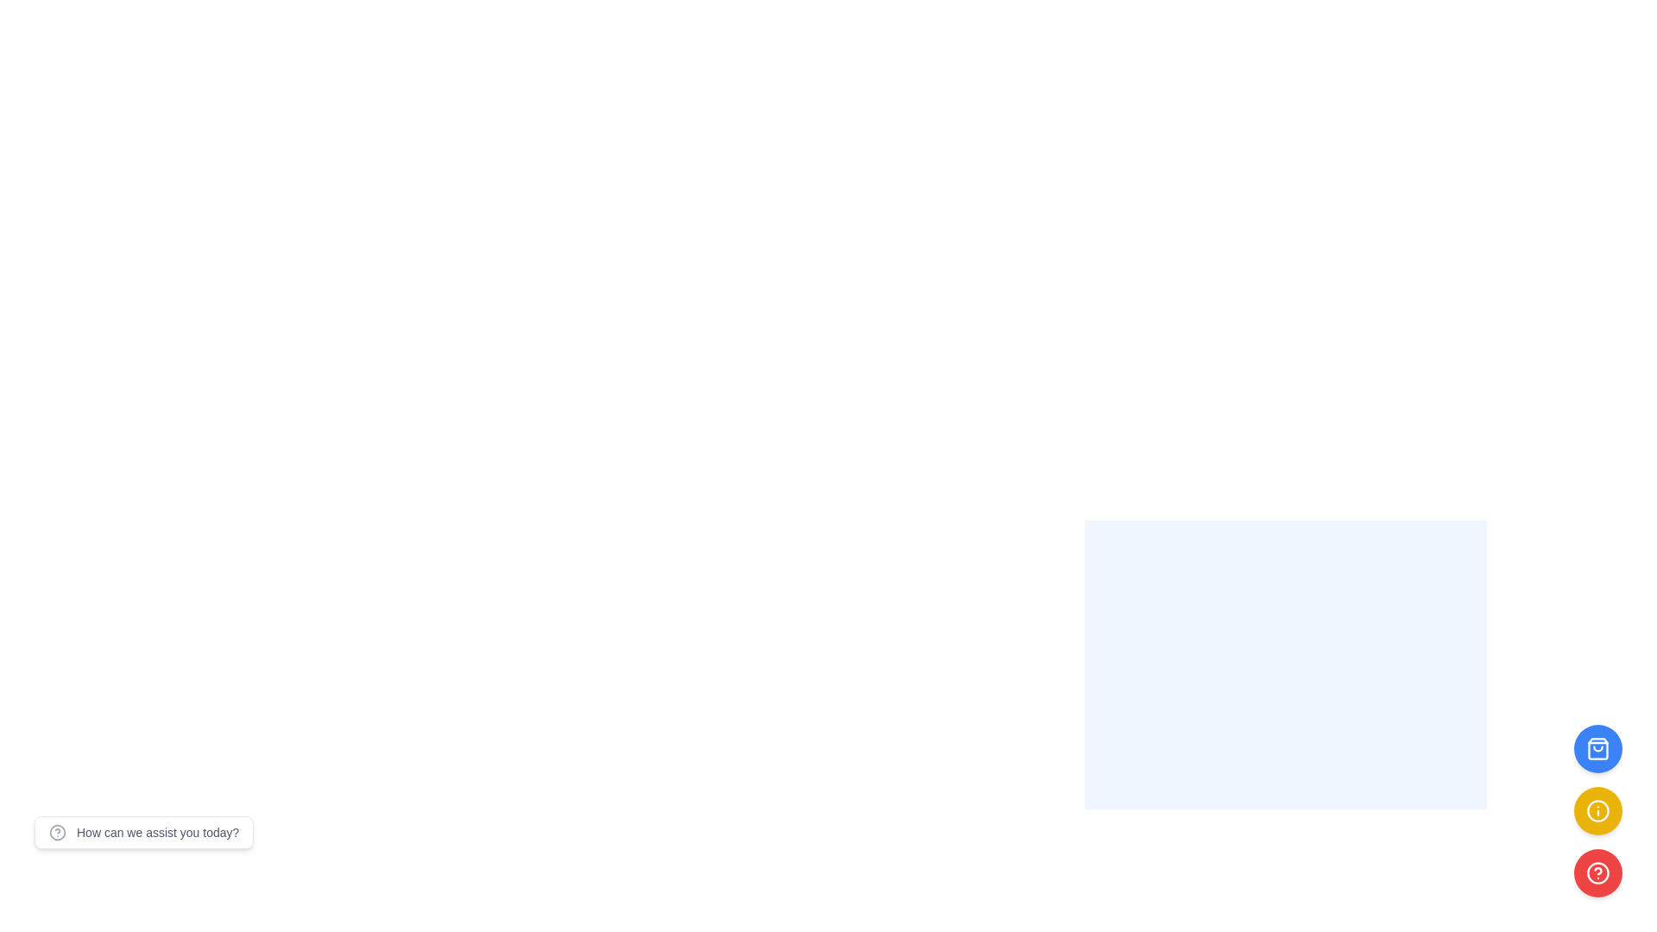 Image resolution: width=1657 pixels, height=932 pixels. What do you see at coordinates (1597, 872) in the screenshot?
I see `the red circular help icon located in the bottom-right area of the interface` at bounding box center [1597, 872].